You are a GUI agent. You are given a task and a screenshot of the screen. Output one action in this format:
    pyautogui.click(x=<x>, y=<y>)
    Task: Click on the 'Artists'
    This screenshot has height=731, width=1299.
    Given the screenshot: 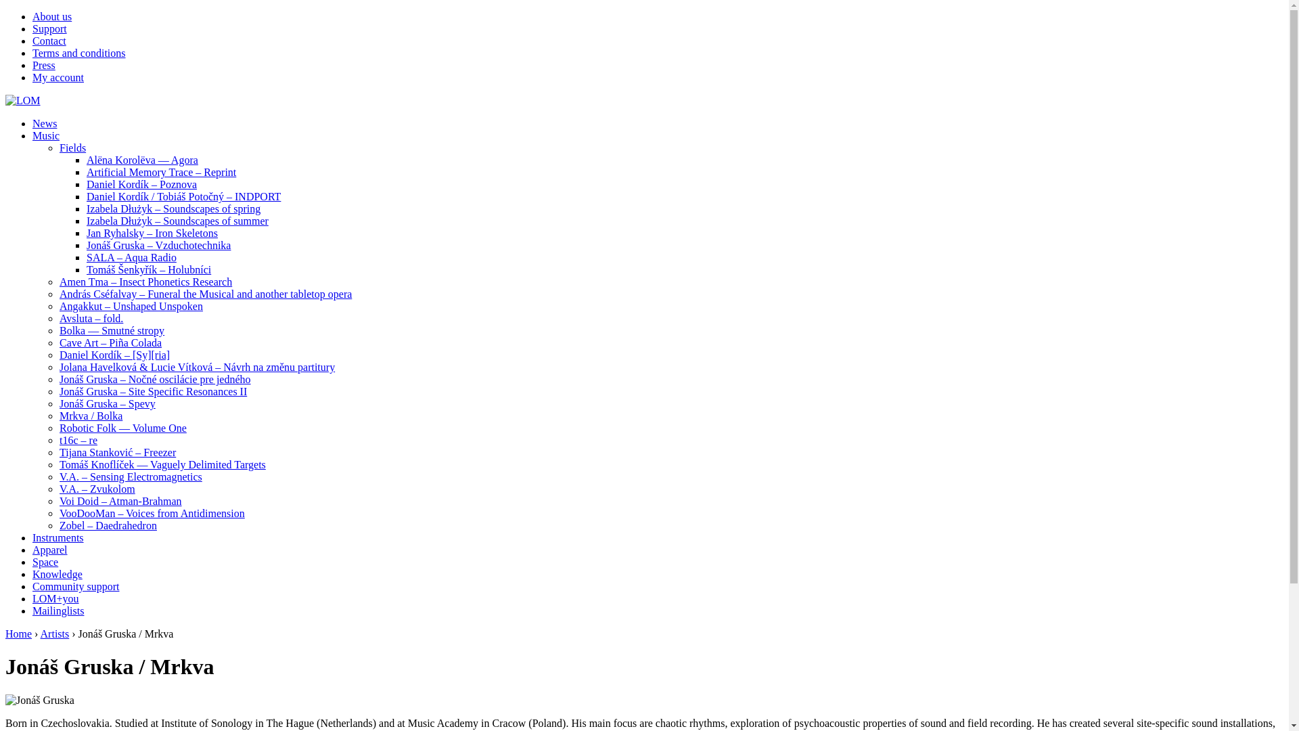 What is the action you would take?
    pyautogui.click(x=54, y=634)
    